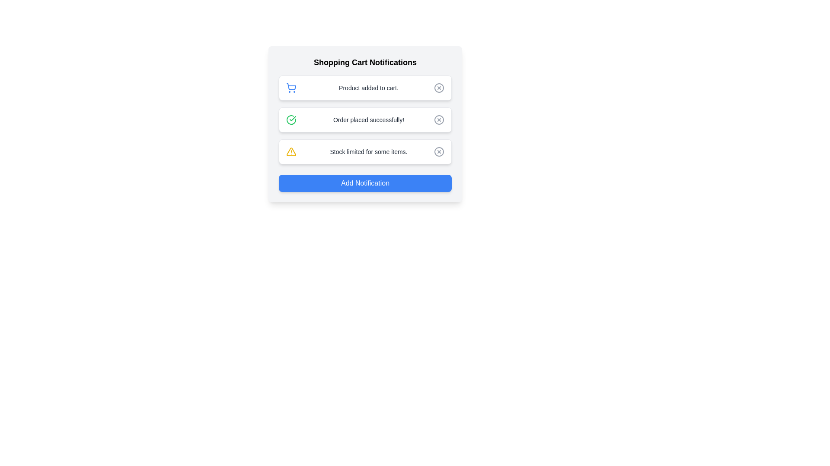  I want to click on the stock limitation alert icon located to the left of the text 'Stock limited for some items.' within the notification card, which is the third notification under 'Shopping Cart Notifications.', so click(291, 151).